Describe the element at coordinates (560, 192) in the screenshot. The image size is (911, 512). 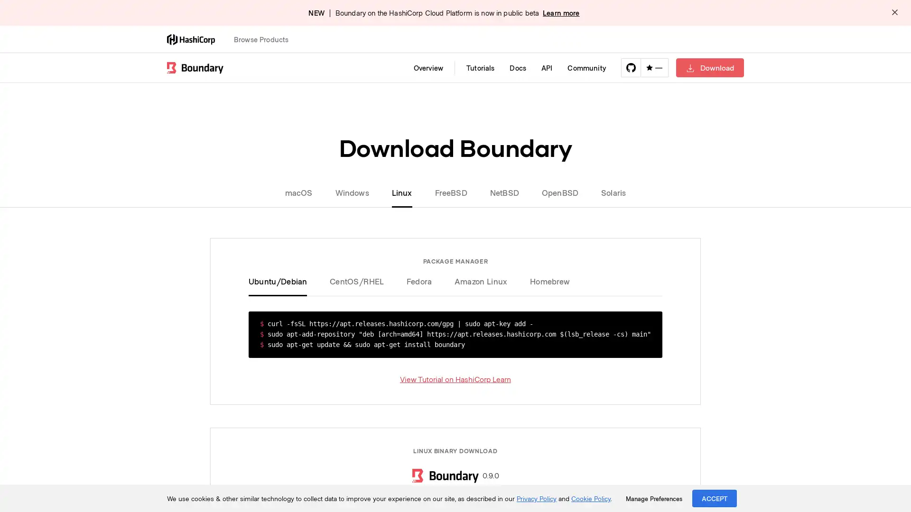
I see `OpenBSD` at that location.